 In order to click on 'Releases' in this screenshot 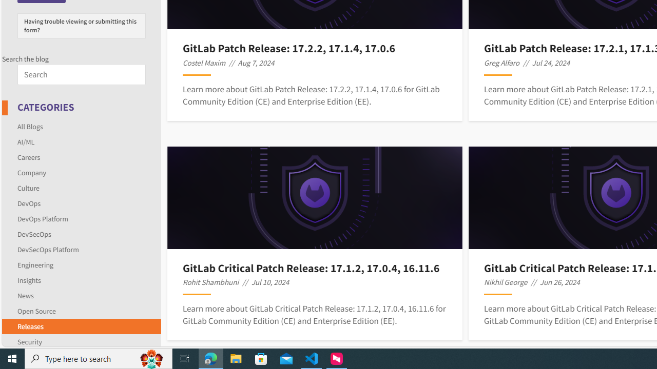, I will do `click(30, 326)`.